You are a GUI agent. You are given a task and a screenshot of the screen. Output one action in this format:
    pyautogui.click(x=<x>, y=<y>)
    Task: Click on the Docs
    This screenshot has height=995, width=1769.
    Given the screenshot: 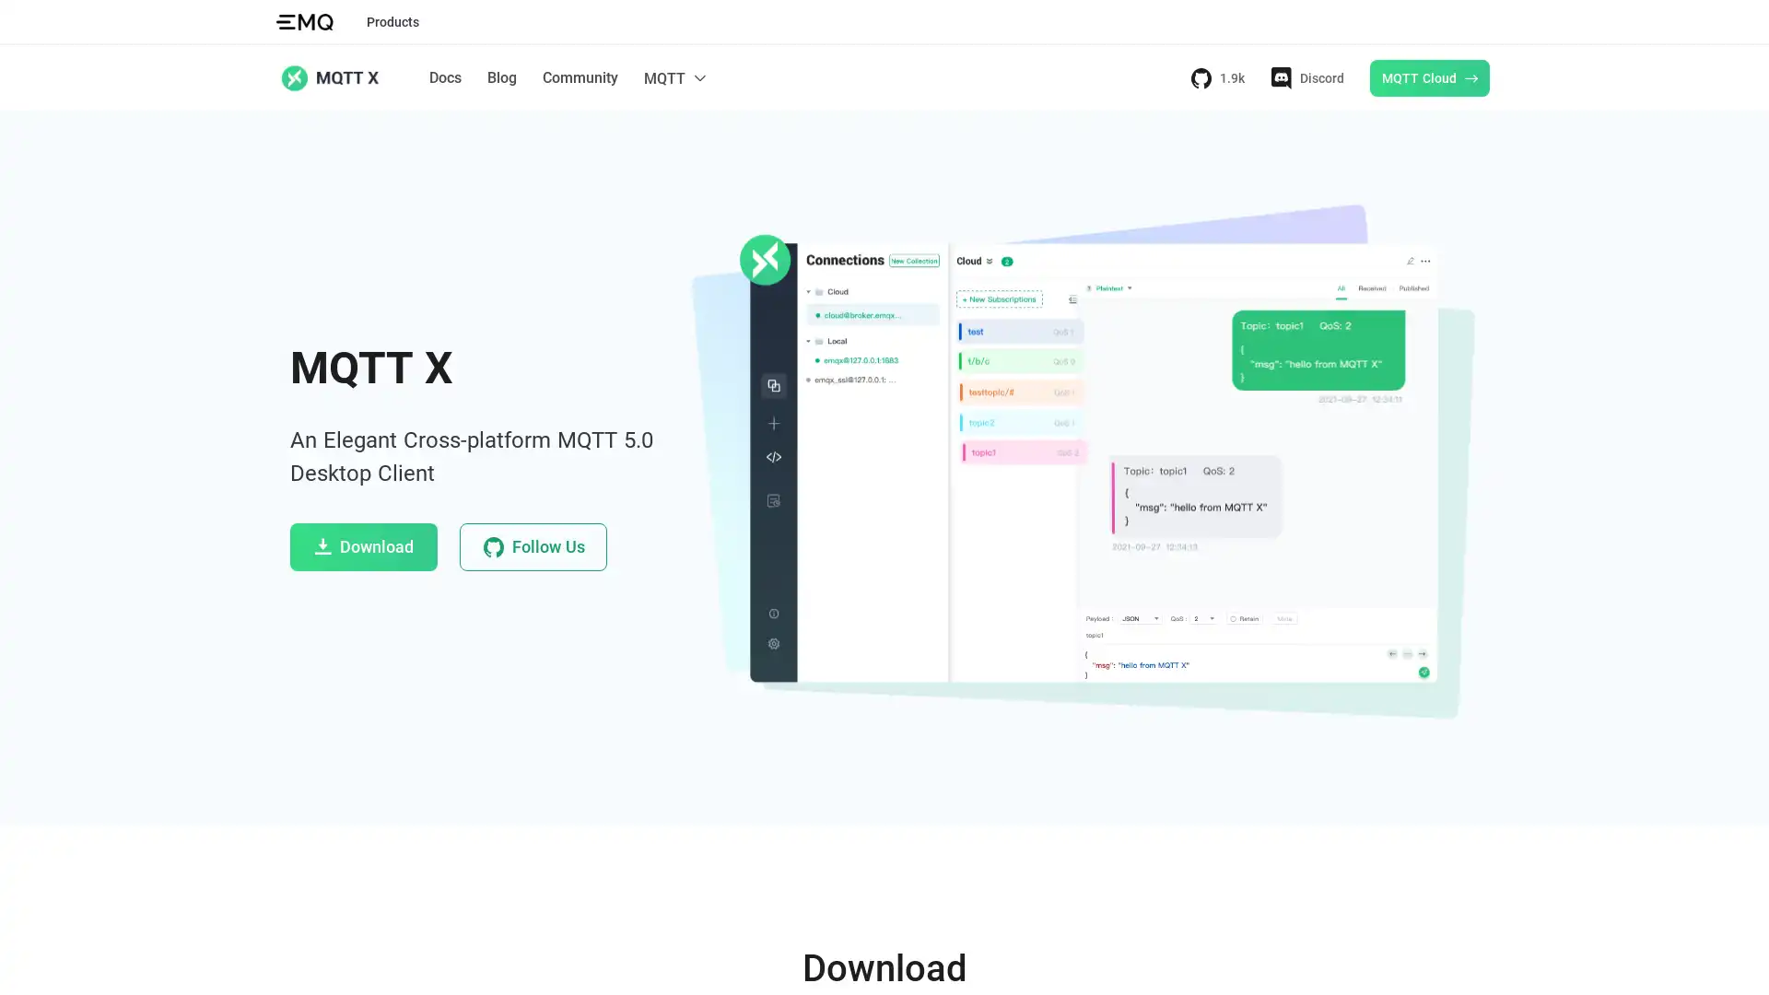 What is the action you would take?
    pyautogui.click(x=884, y=136)
    